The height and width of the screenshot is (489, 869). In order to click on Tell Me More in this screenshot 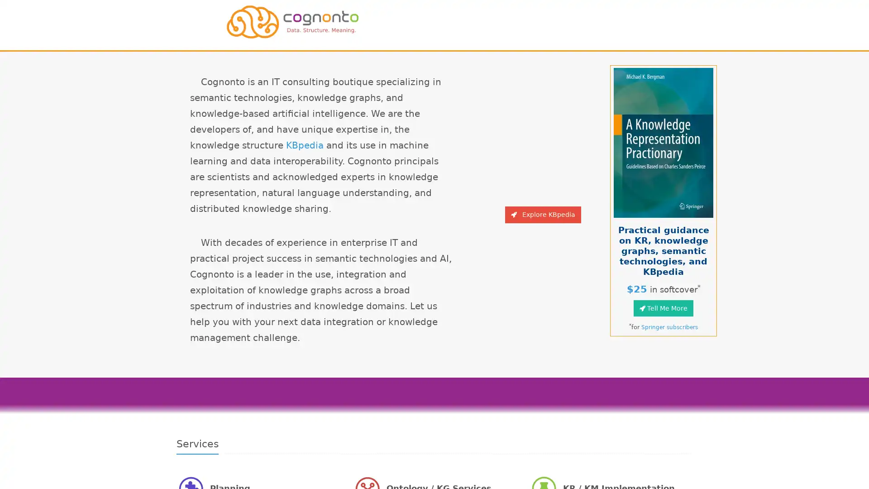, I will do `click(663, 307)`.